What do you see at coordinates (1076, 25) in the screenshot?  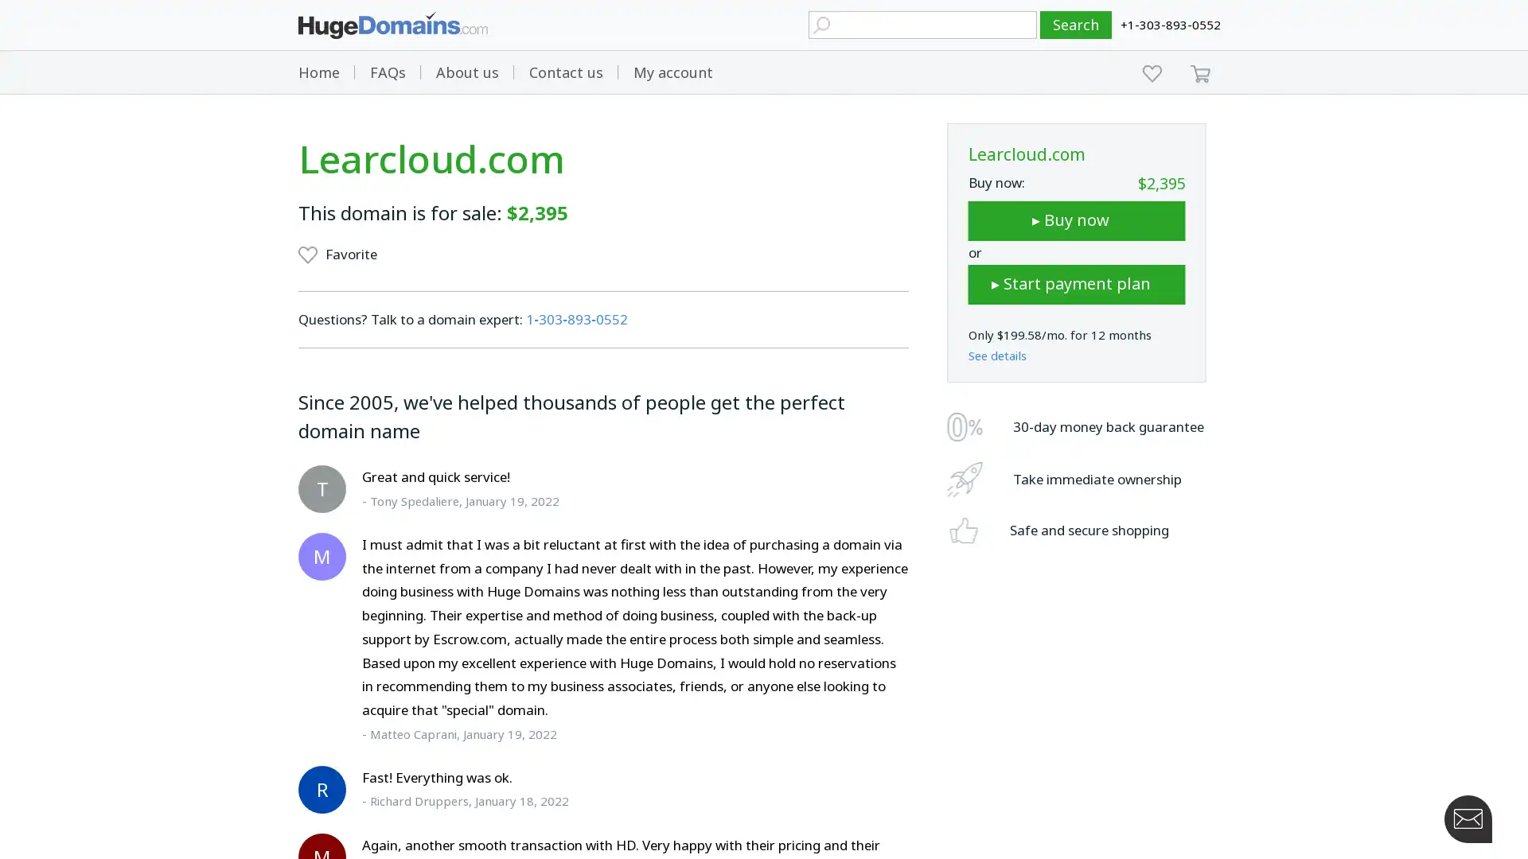 I see `Search` at bounding box center [1076, 25].